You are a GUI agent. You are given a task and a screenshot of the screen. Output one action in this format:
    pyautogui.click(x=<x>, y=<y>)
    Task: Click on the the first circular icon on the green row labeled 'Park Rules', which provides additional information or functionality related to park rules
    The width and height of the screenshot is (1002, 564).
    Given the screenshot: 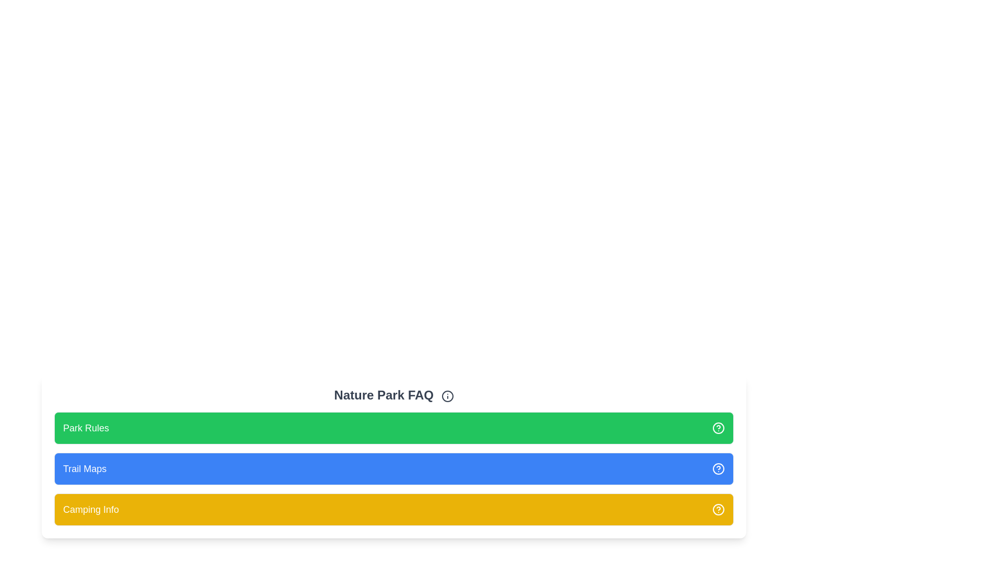 What is the action you would take?
    pyautogui.click(x=718, y=428)
    